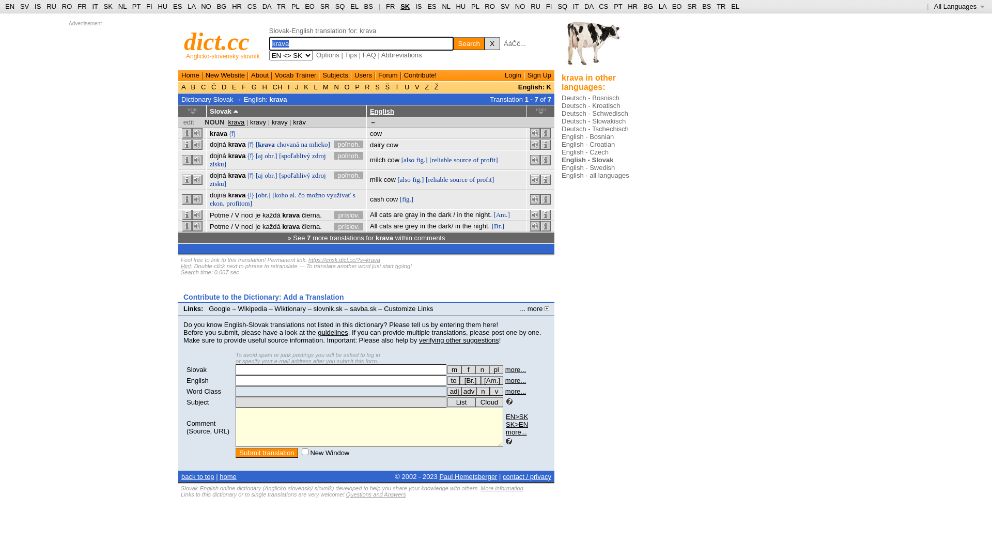 This screenshot has height=558, width=992. What do you see at coordinates (280, 195) in the screenshot?
I see `'[koho'` at bounding box center [280, 195].